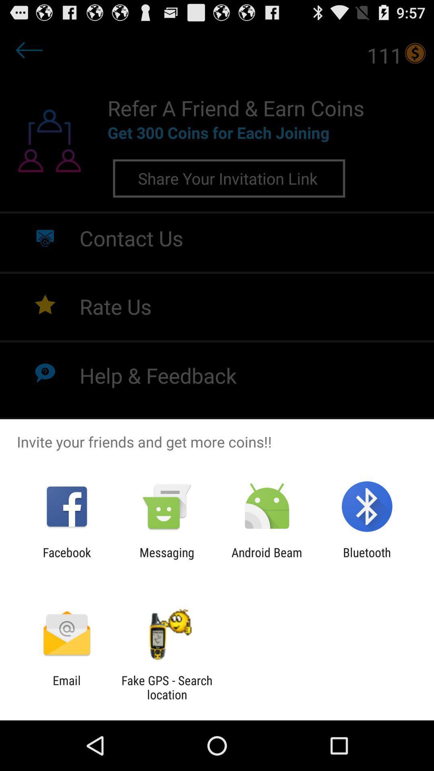 The height and width of the screenshot is (771, 434). What do you see at coordinates (367, 559) in the screenshot?
I see `the app to the right of android beam icon` at bounding box center [367, 559].